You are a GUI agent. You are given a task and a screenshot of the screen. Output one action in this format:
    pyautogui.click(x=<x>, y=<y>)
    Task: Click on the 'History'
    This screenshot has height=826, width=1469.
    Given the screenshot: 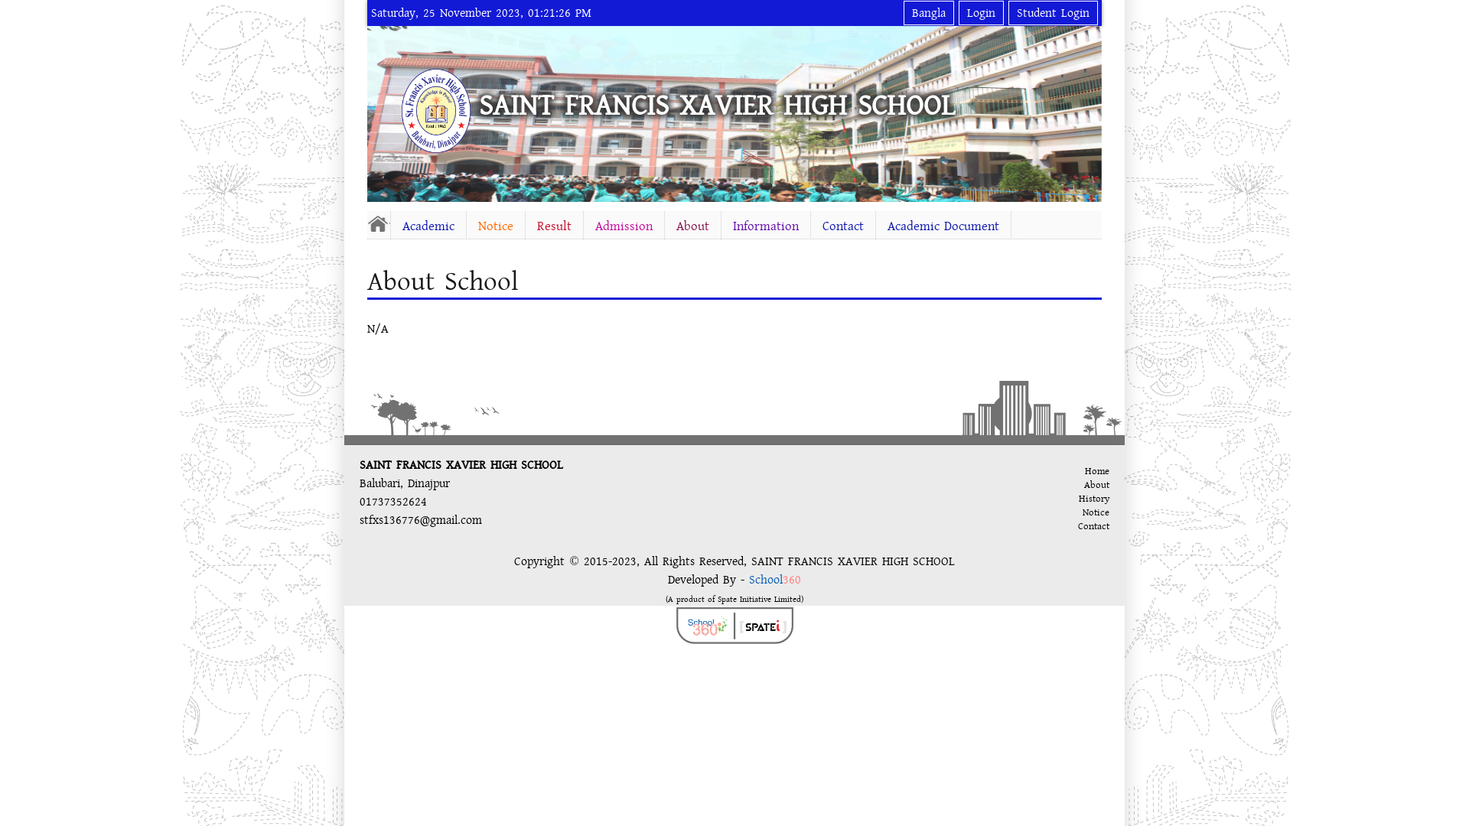 What is the action you would take?
    pyautogui.click(x=1093, y=498)
    